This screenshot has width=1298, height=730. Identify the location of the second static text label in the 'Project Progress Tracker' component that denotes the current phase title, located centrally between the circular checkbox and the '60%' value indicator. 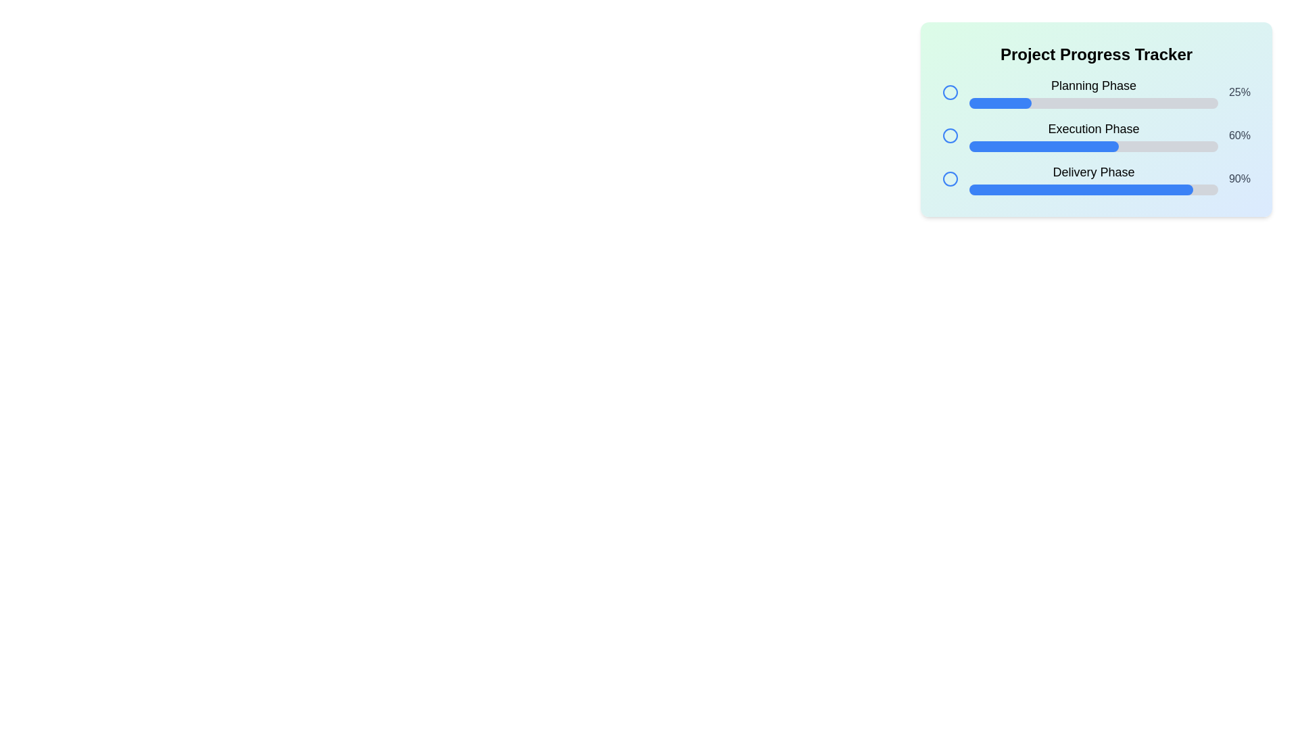
(1093, 129).